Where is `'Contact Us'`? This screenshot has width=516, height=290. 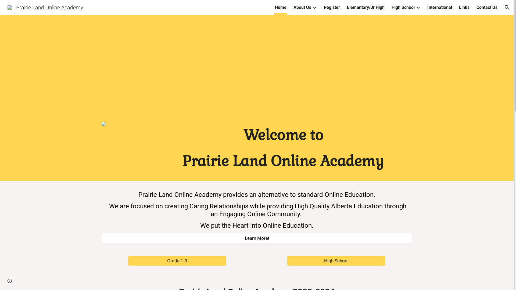 'Contact Us' is located at coordinates (487, 7).